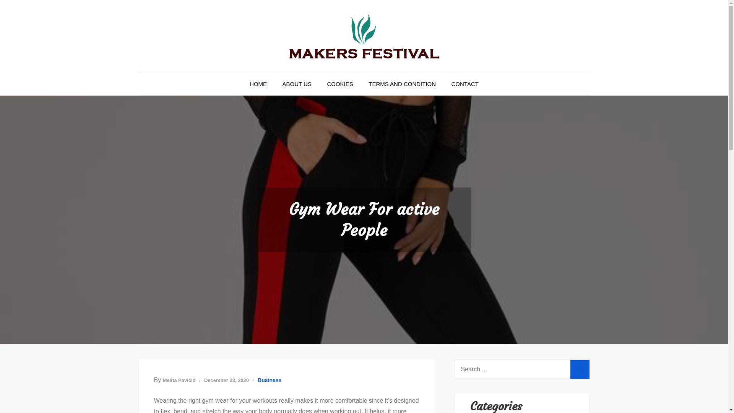 This screenshot has height=413, width=734. Describe the element at coordinates (226, 380) in the screenshot. I see `'December 23, 2020'` at that location.